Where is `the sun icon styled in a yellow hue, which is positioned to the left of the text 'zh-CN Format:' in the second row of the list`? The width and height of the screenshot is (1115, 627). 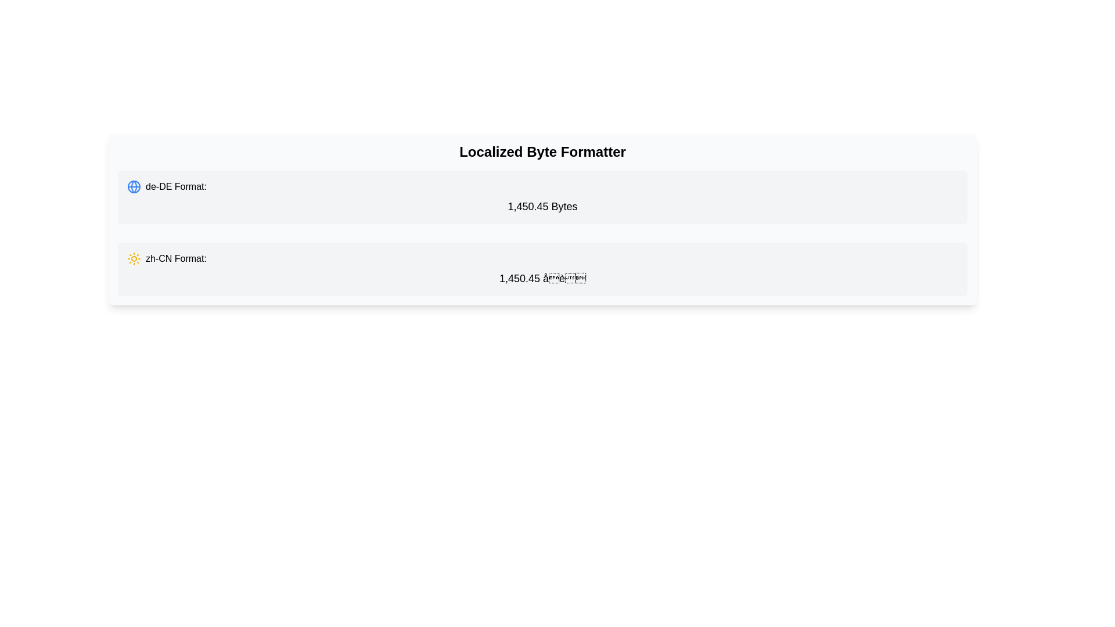
the sun icon styled in a yellow hue, which is positioned to the left of the text 'zh-CN Format:' in the second row of the list is located at coordinates (134, 258).